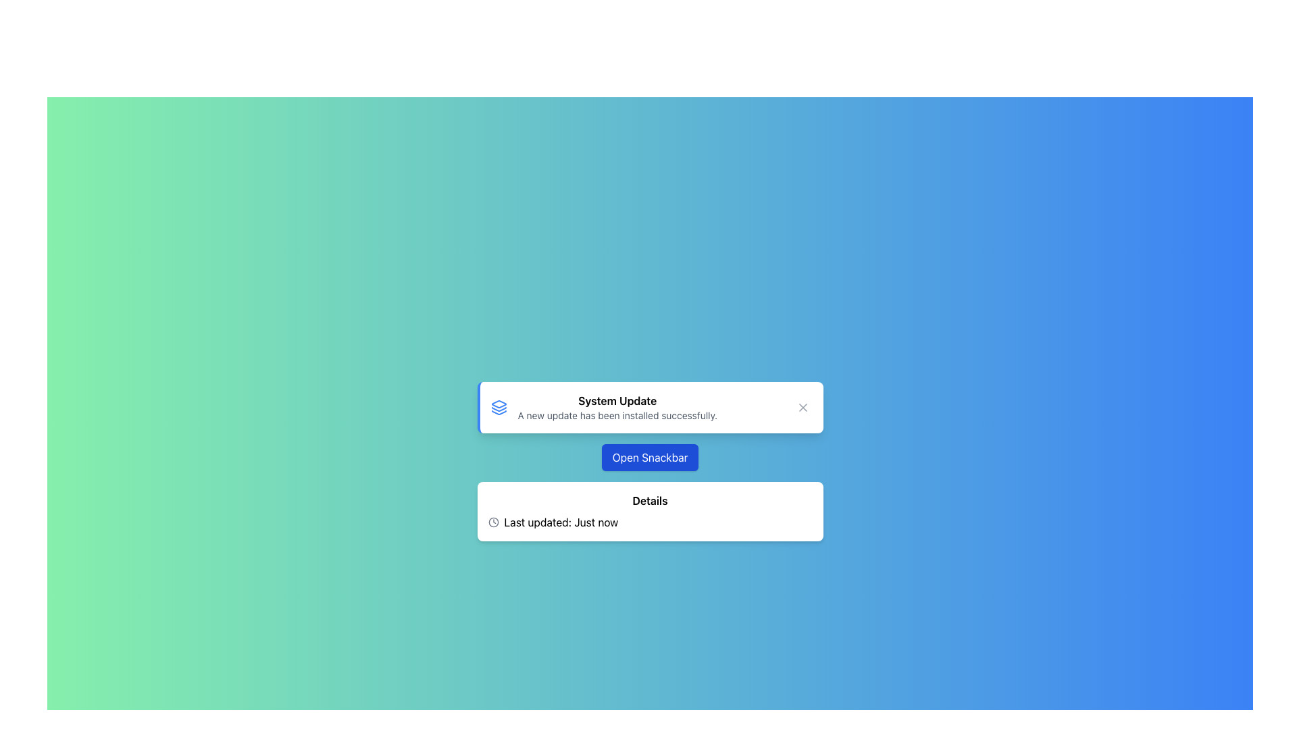 This screenshot has width=1297, height=729. Describe the element at coordinates (617, 415) in the screenshot. I see `the text display that reads 'A new update has been installed successfully.', located just below the heading 'System Update' in the notification box` at that location.